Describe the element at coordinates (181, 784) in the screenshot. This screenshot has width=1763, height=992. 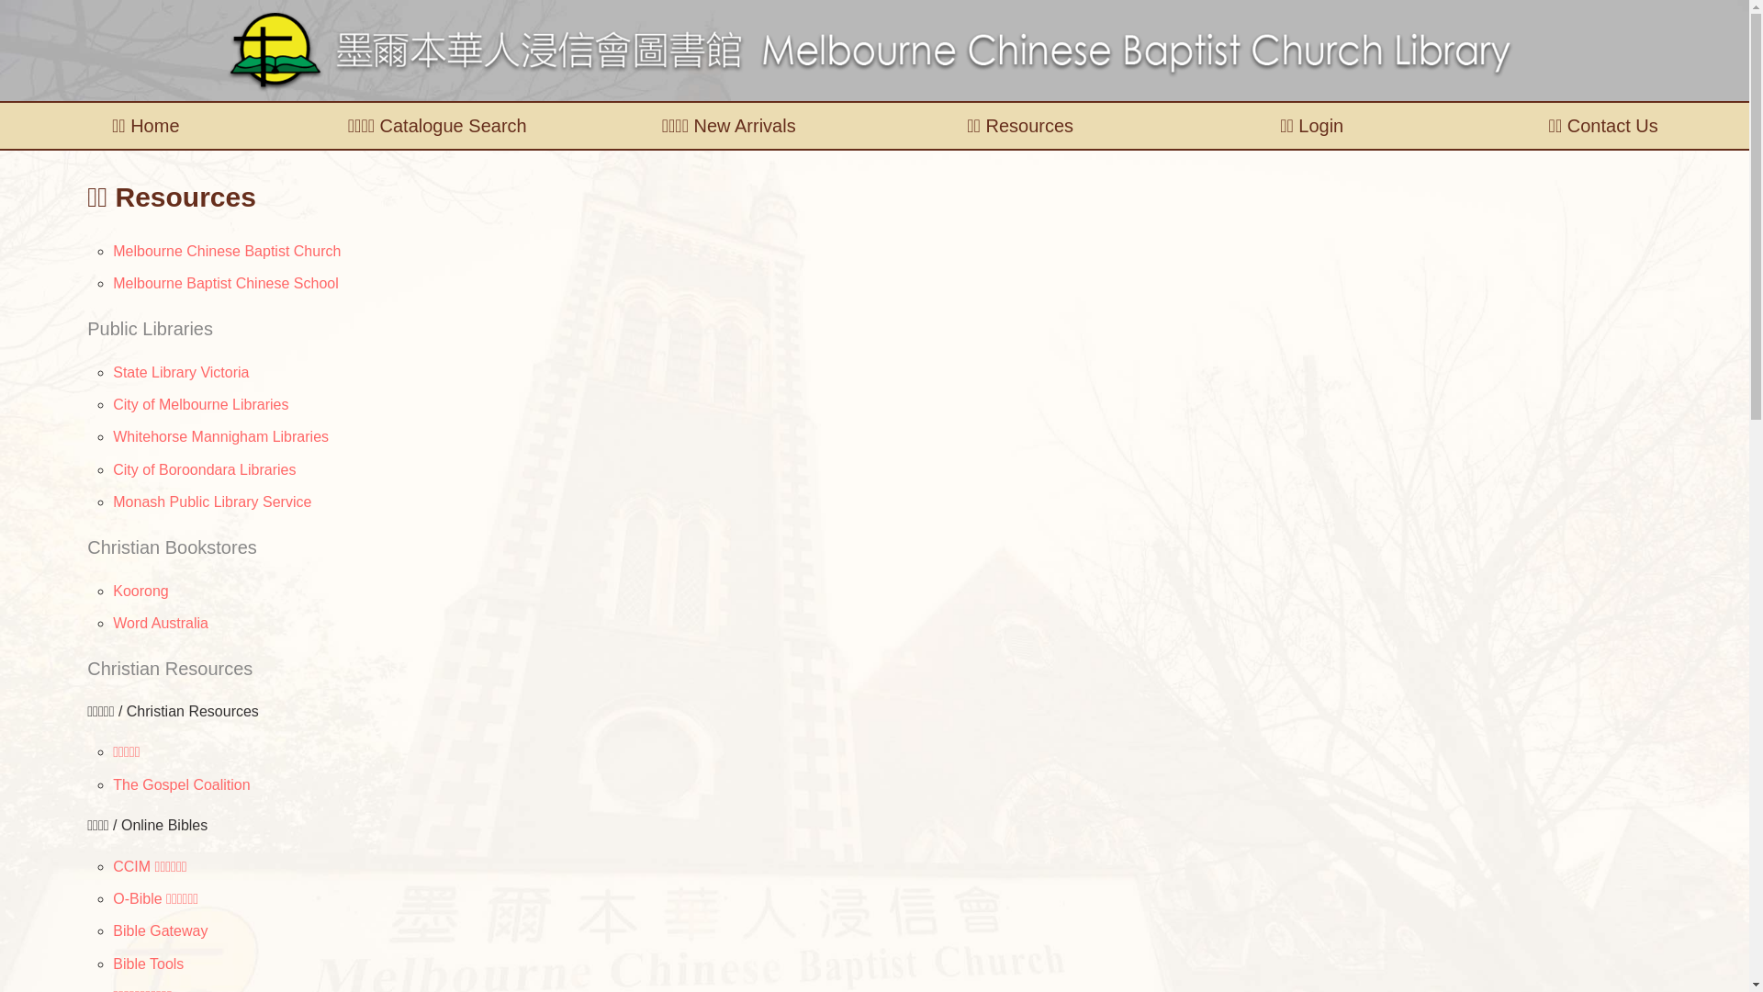
I see `'The Gospel Coalition'` at that location.